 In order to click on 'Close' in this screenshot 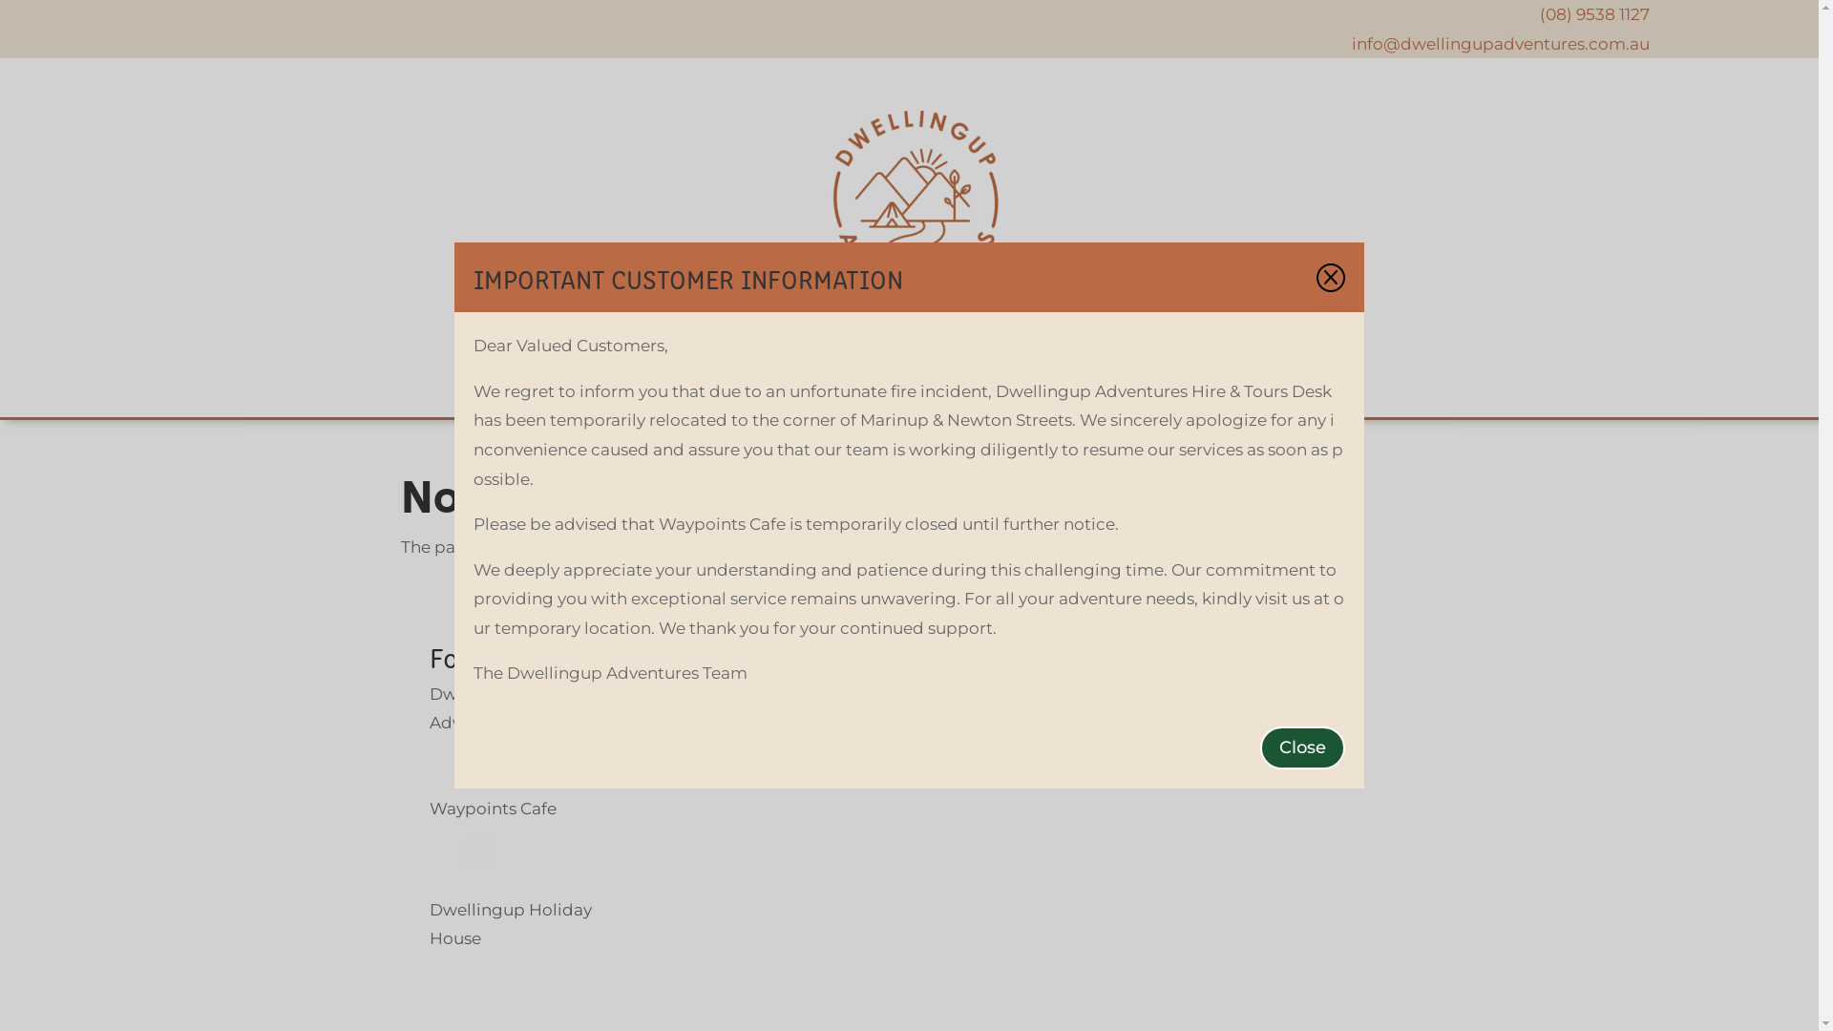, I will do `click(1260, 747)`.